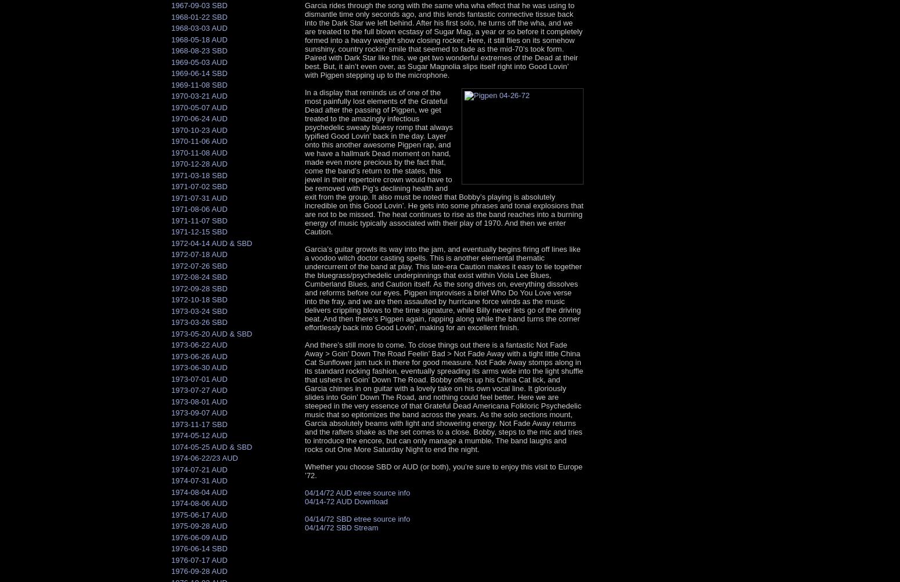 This screenshot has height=582, width=900. I want to click on '1971-12-15 SBD', so click(171, 231).